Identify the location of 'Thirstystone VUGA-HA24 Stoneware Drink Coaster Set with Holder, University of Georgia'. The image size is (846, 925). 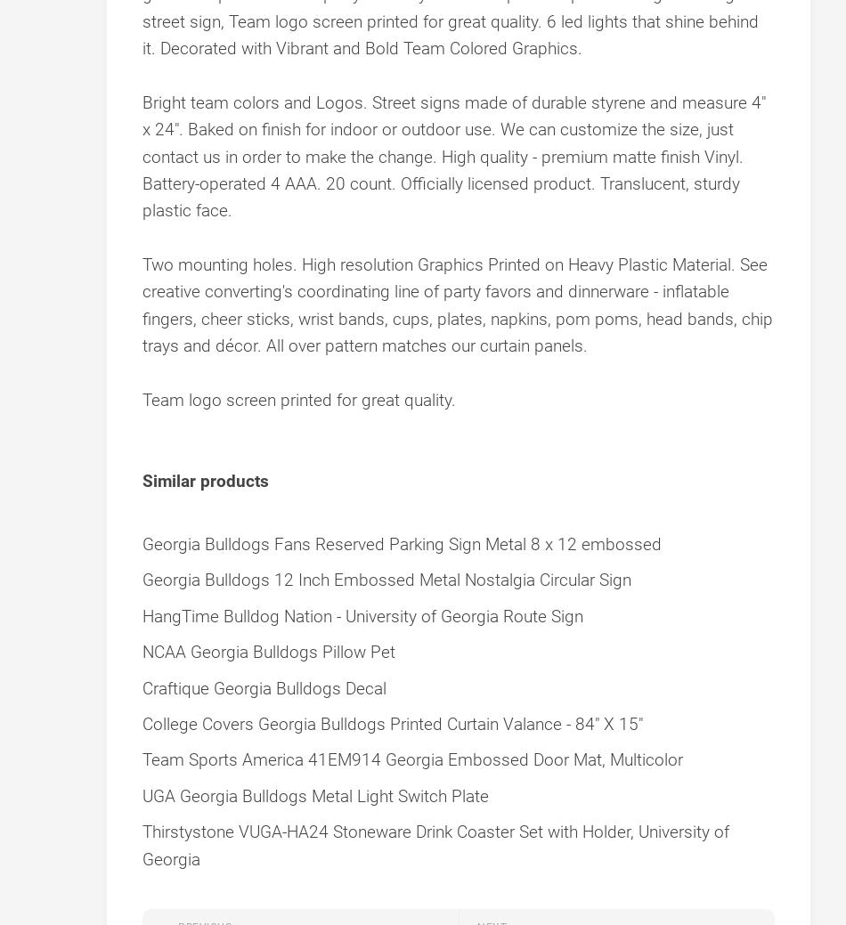
(142, 845).